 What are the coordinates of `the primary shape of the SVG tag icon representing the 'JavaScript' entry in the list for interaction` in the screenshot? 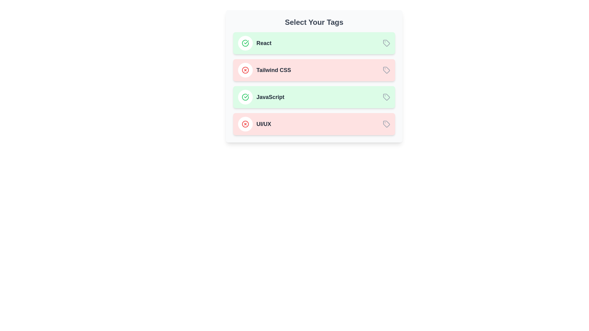 It's located at (386, 97).